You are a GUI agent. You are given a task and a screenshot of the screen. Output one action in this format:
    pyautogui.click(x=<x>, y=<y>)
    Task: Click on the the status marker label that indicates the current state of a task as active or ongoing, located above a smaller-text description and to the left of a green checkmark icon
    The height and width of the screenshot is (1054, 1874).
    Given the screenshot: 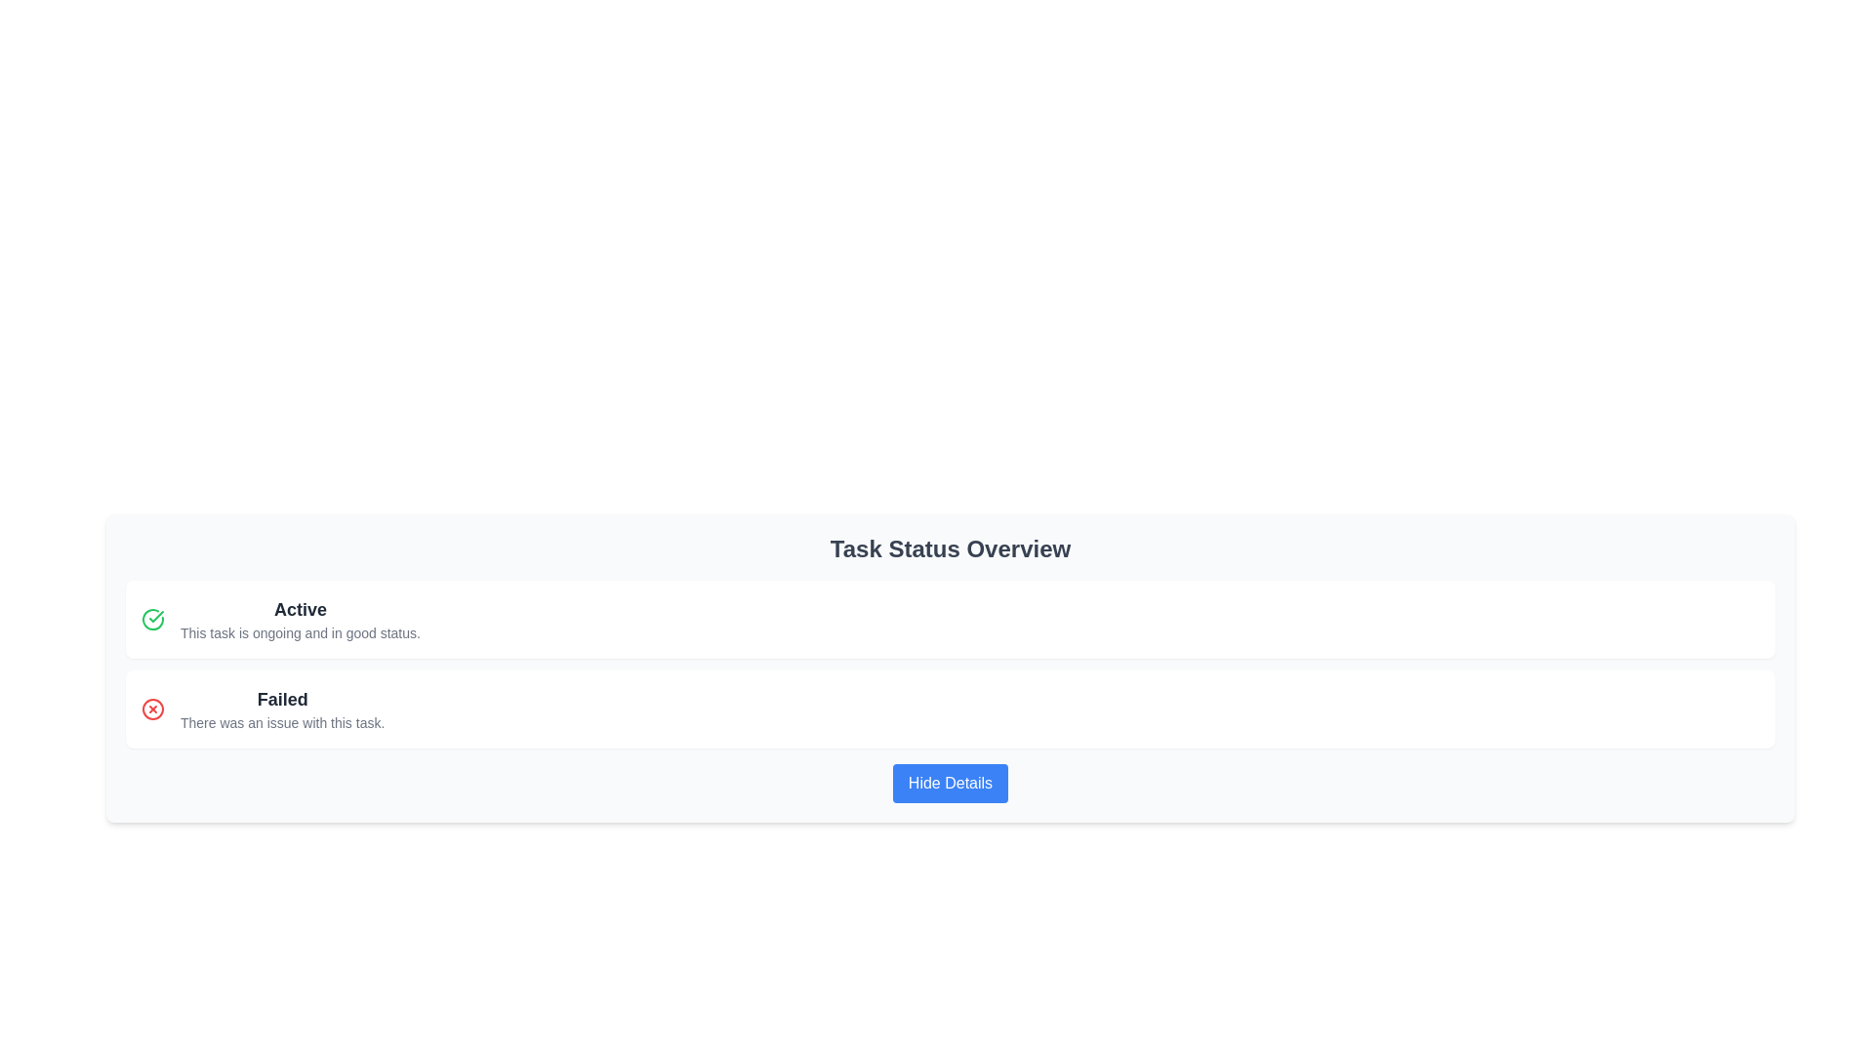 What is the action you would take?
    pyautogui.click(x=299, y=608)
    